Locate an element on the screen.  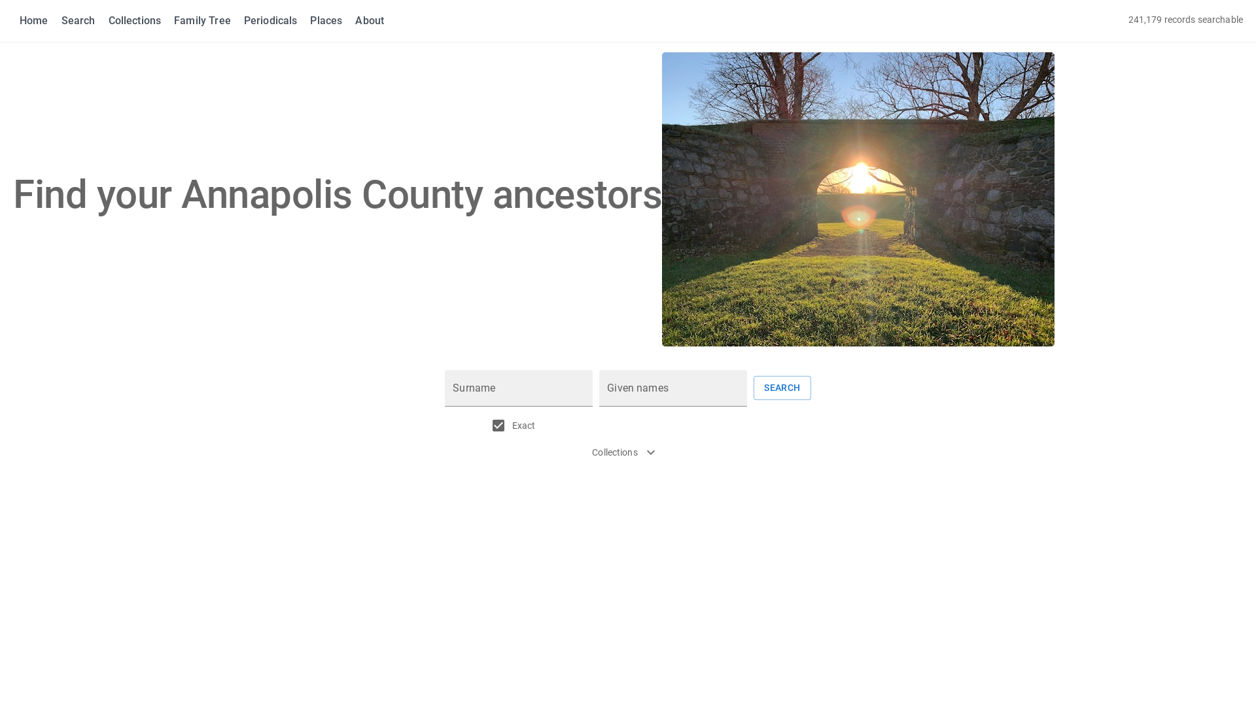
'Places' is located at coordinates (309, 20).